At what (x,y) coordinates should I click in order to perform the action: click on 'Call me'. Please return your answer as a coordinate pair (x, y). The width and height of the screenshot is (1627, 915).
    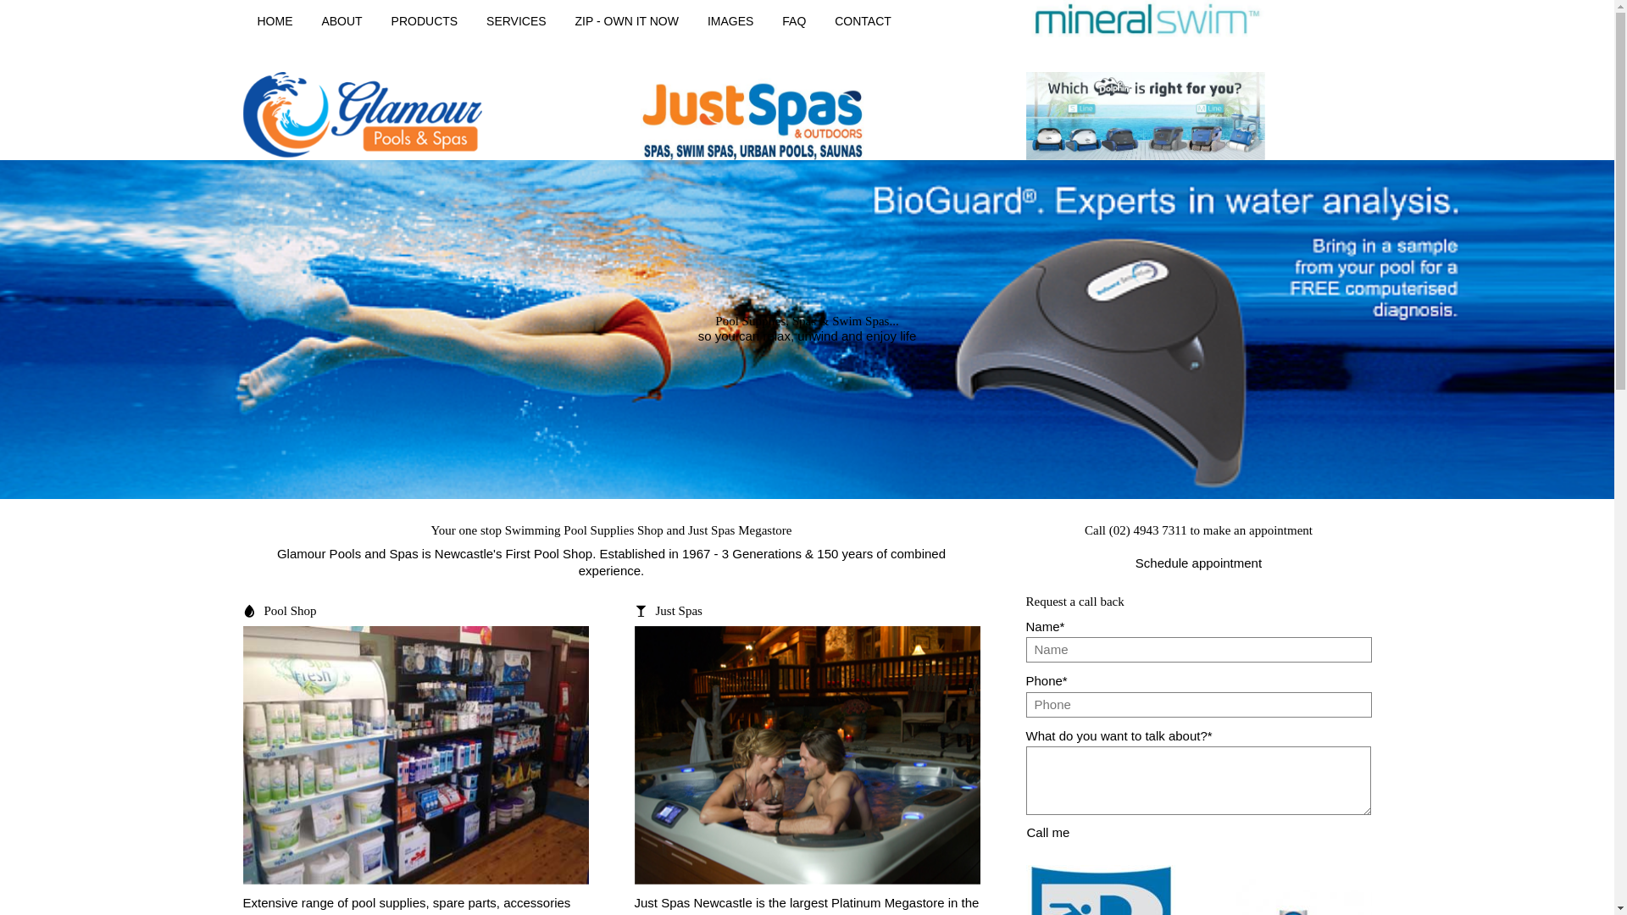
    Looking at the image, I should click on (1047, 831).